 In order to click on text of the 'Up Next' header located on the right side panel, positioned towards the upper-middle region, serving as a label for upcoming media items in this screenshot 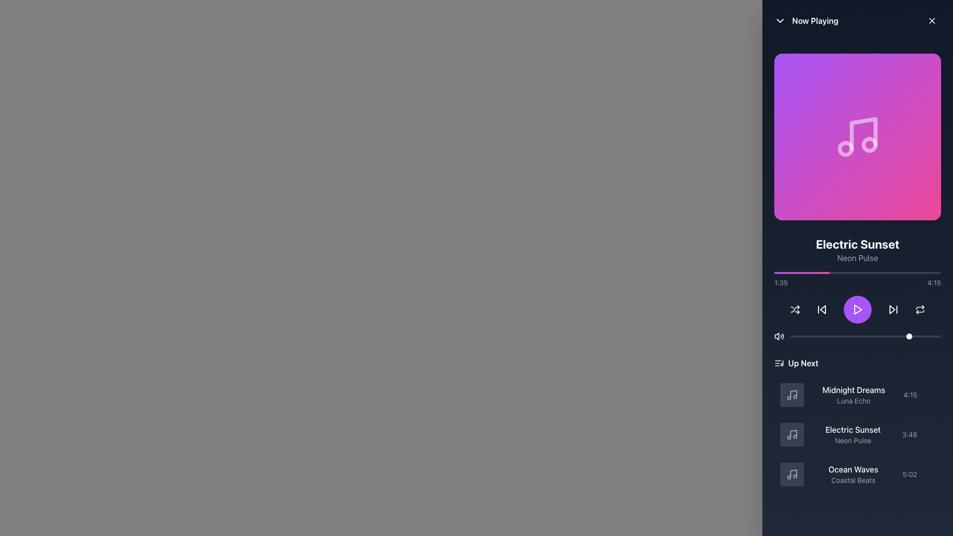, I will do `click(796, 363)`.